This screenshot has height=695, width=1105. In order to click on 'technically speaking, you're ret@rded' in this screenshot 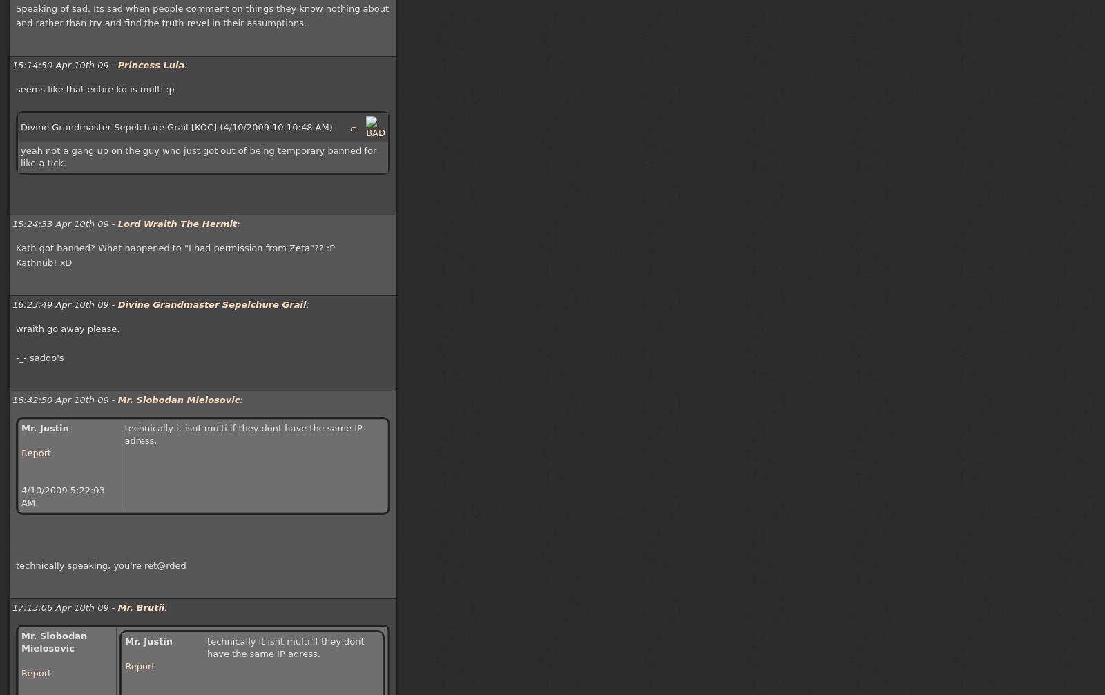, I will do `click(99, 565)`.